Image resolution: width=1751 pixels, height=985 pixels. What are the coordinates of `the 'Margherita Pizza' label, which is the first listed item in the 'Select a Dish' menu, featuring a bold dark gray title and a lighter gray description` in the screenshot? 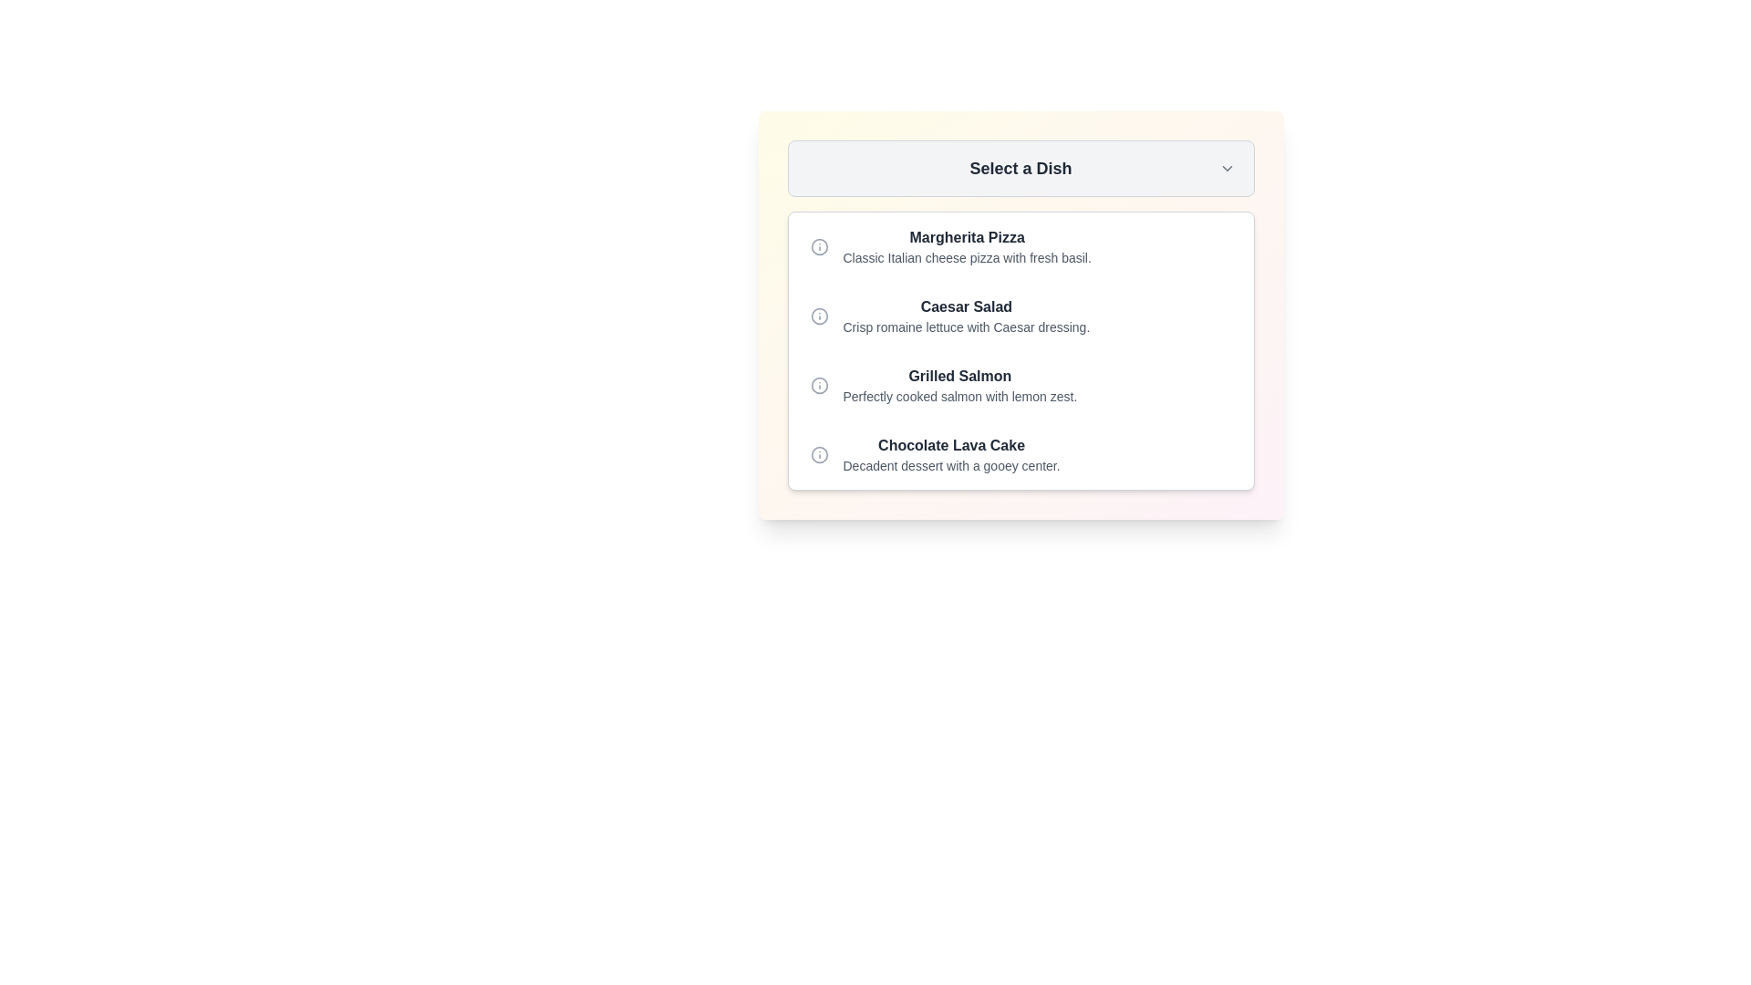 It's located at (966, 246).